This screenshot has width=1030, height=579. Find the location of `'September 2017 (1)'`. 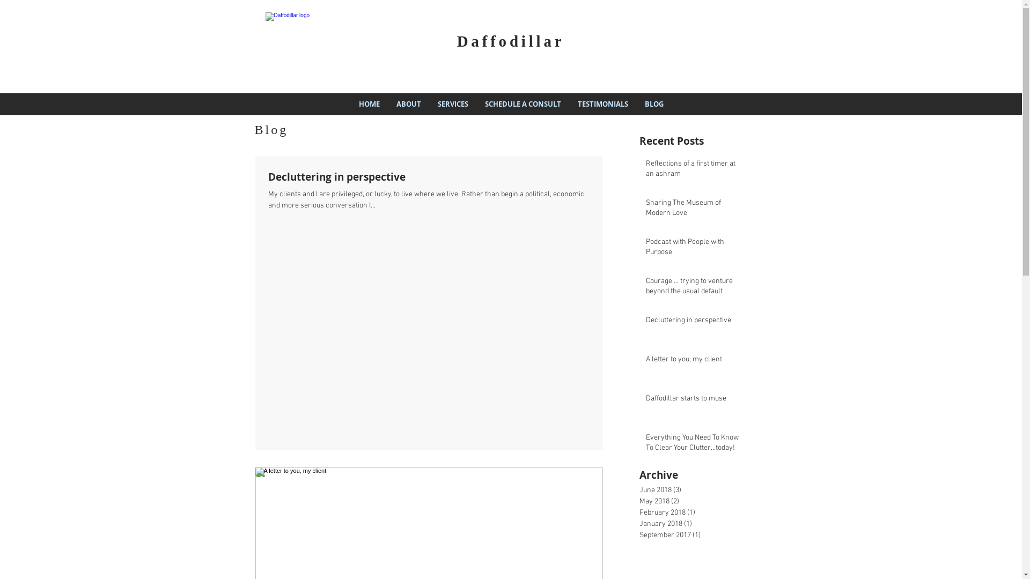

'September 2017 (1)' is located at coordinates (695, 535).